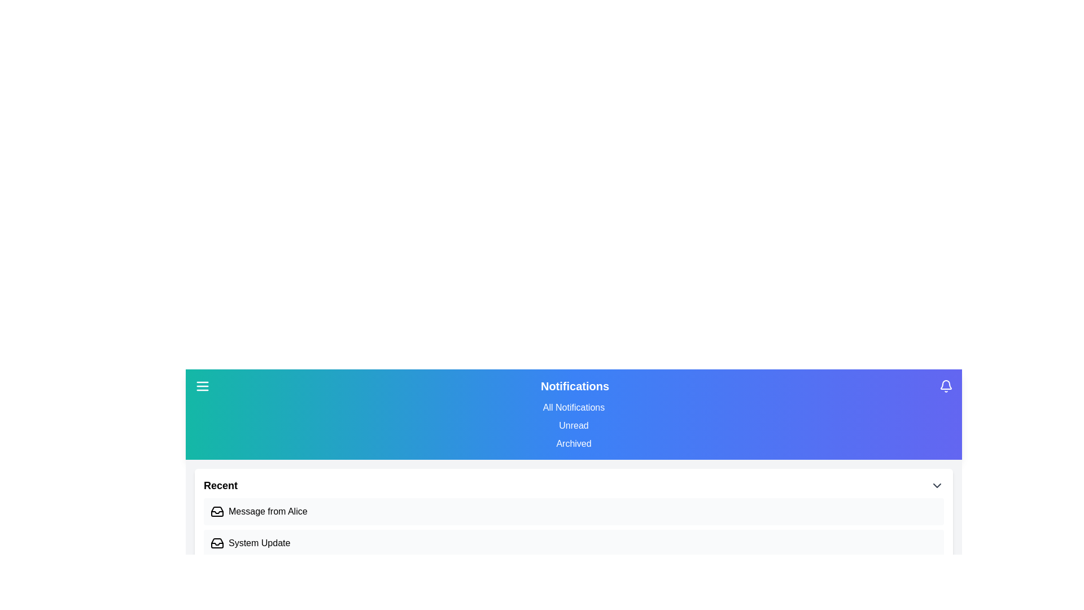 The height and width of the screenshot is (610, 1084). I want to click on the 'All Notifications' link to view all notifications, so click(574, 407).